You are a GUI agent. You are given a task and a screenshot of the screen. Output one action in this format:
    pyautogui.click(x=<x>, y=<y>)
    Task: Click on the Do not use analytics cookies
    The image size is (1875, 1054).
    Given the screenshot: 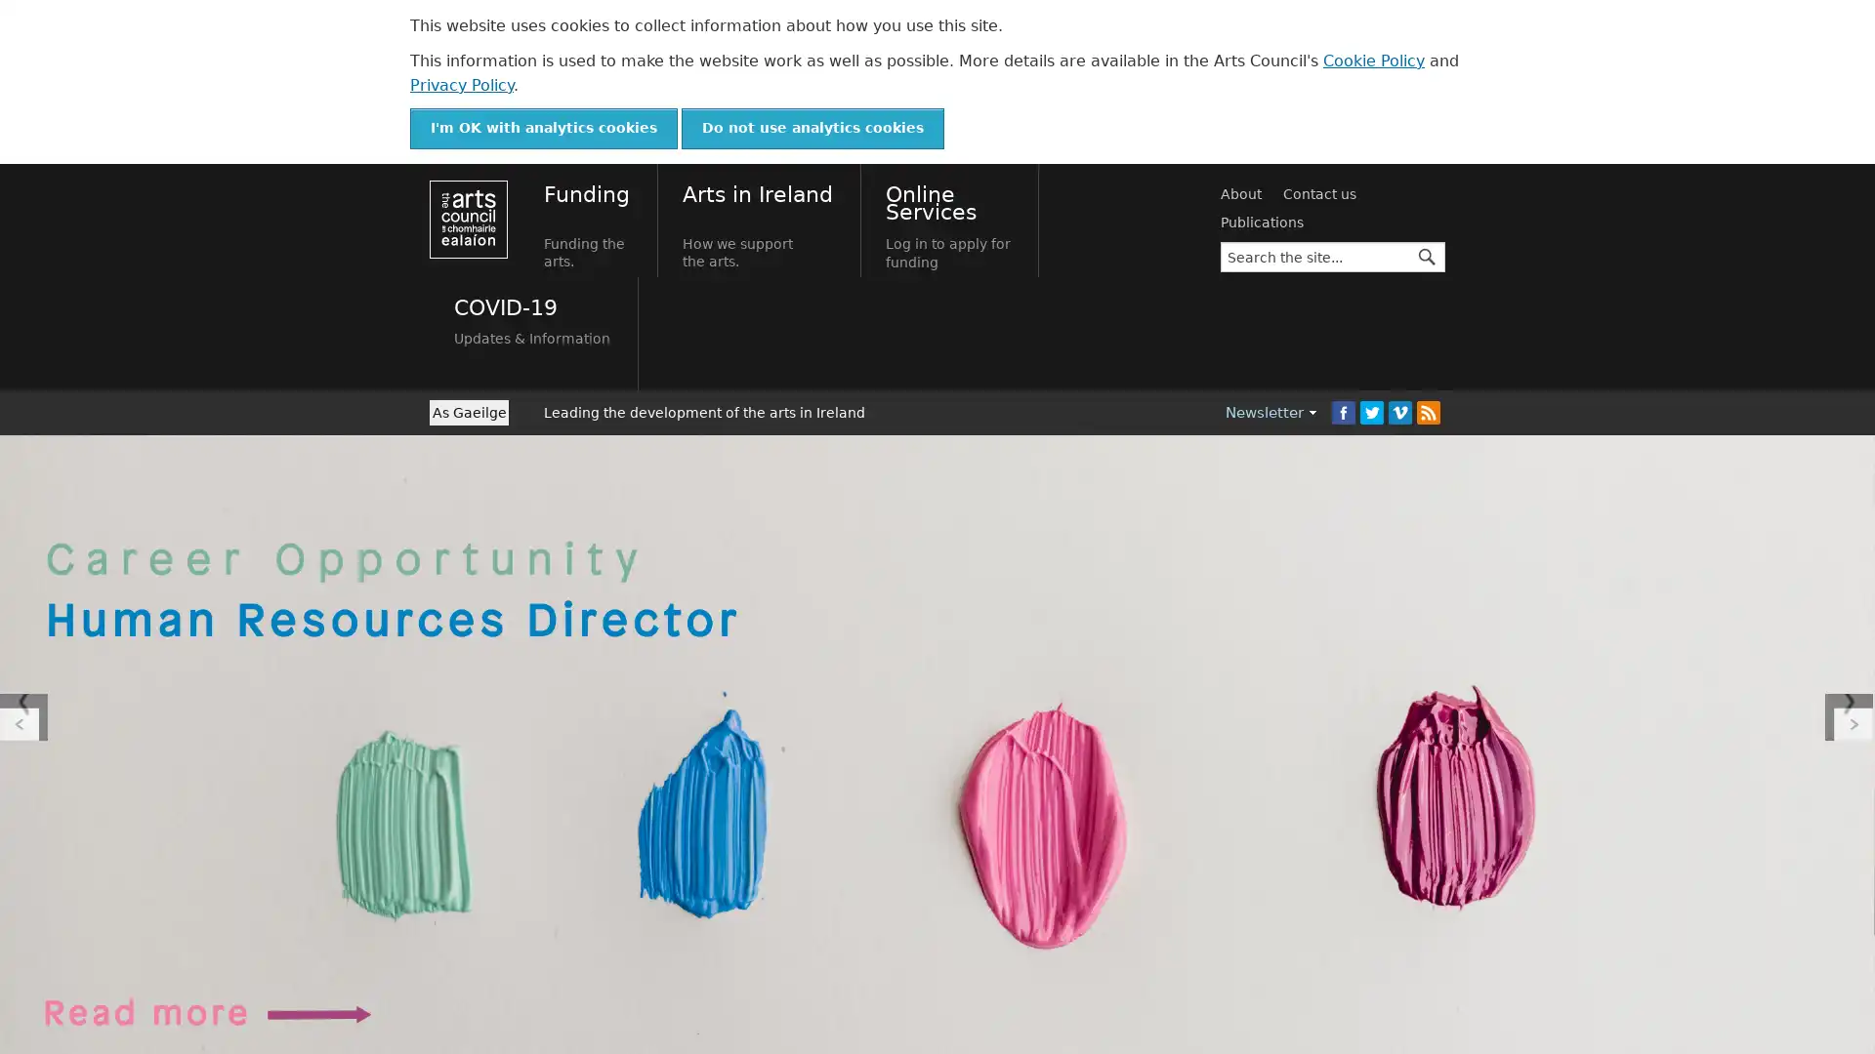 What is the action you would take?
    pyautogui.click(x=812, y=128)
    